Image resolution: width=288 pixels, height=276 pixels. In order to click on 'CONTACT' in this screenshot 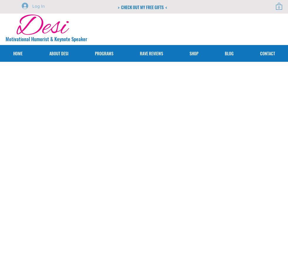, I will do `click(267, 53)`.